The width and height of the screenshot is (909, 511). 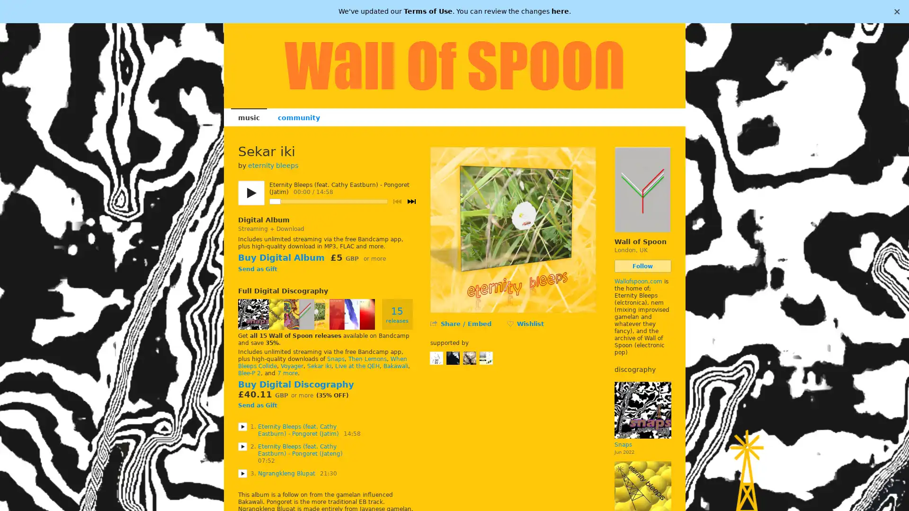 I want to click on Digital Album, so click(x=263, y=220).